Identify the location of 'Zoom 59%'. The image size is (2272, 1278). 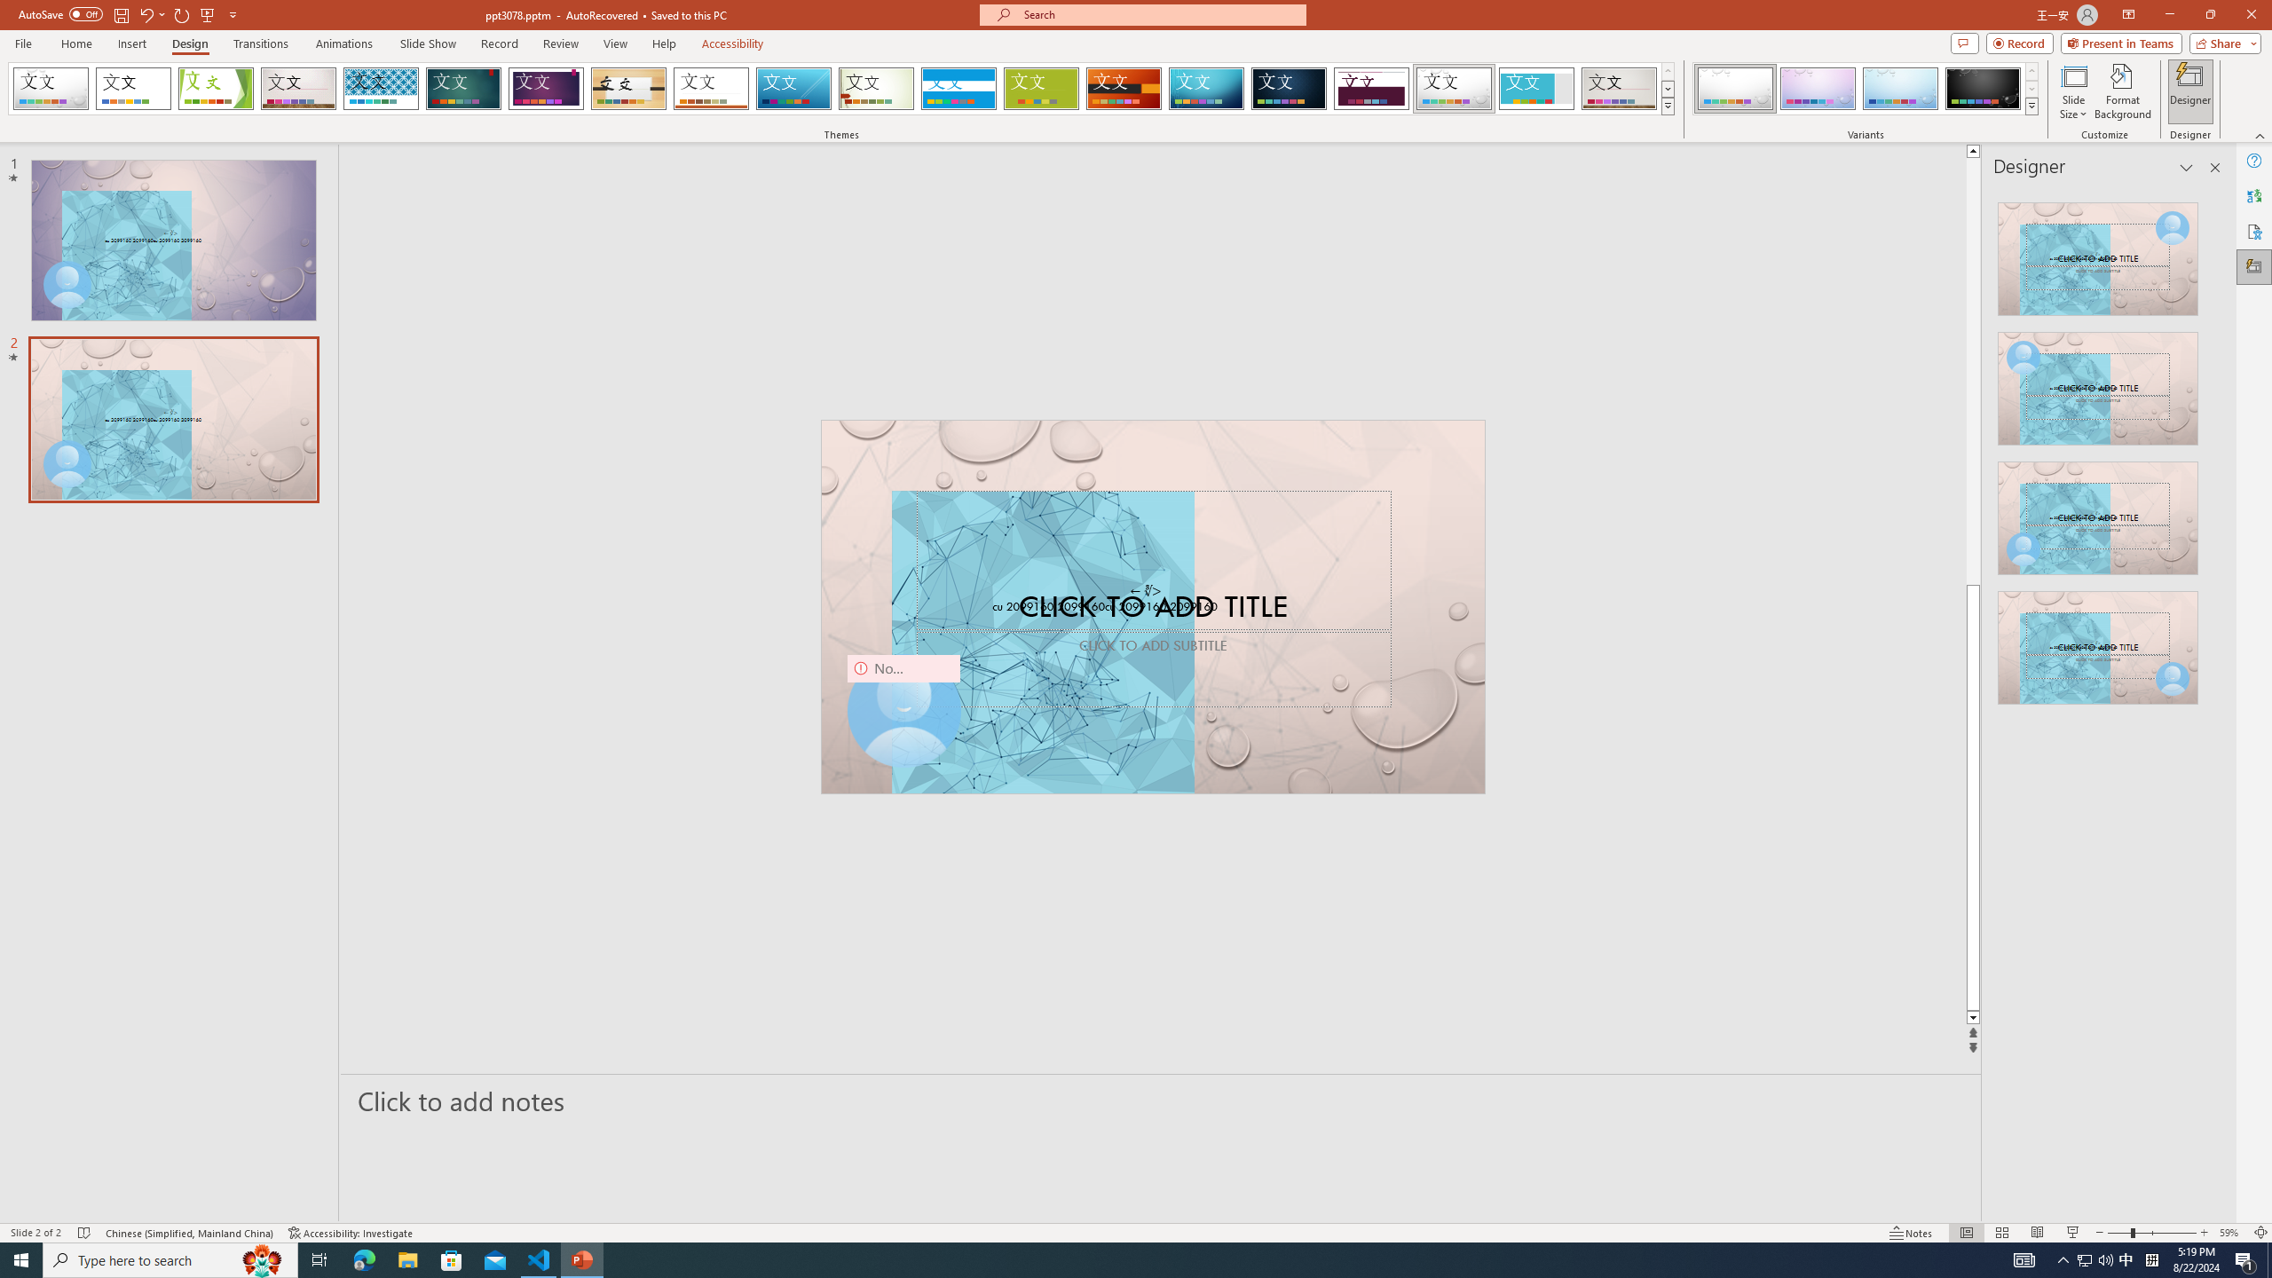
(2232, 1233).